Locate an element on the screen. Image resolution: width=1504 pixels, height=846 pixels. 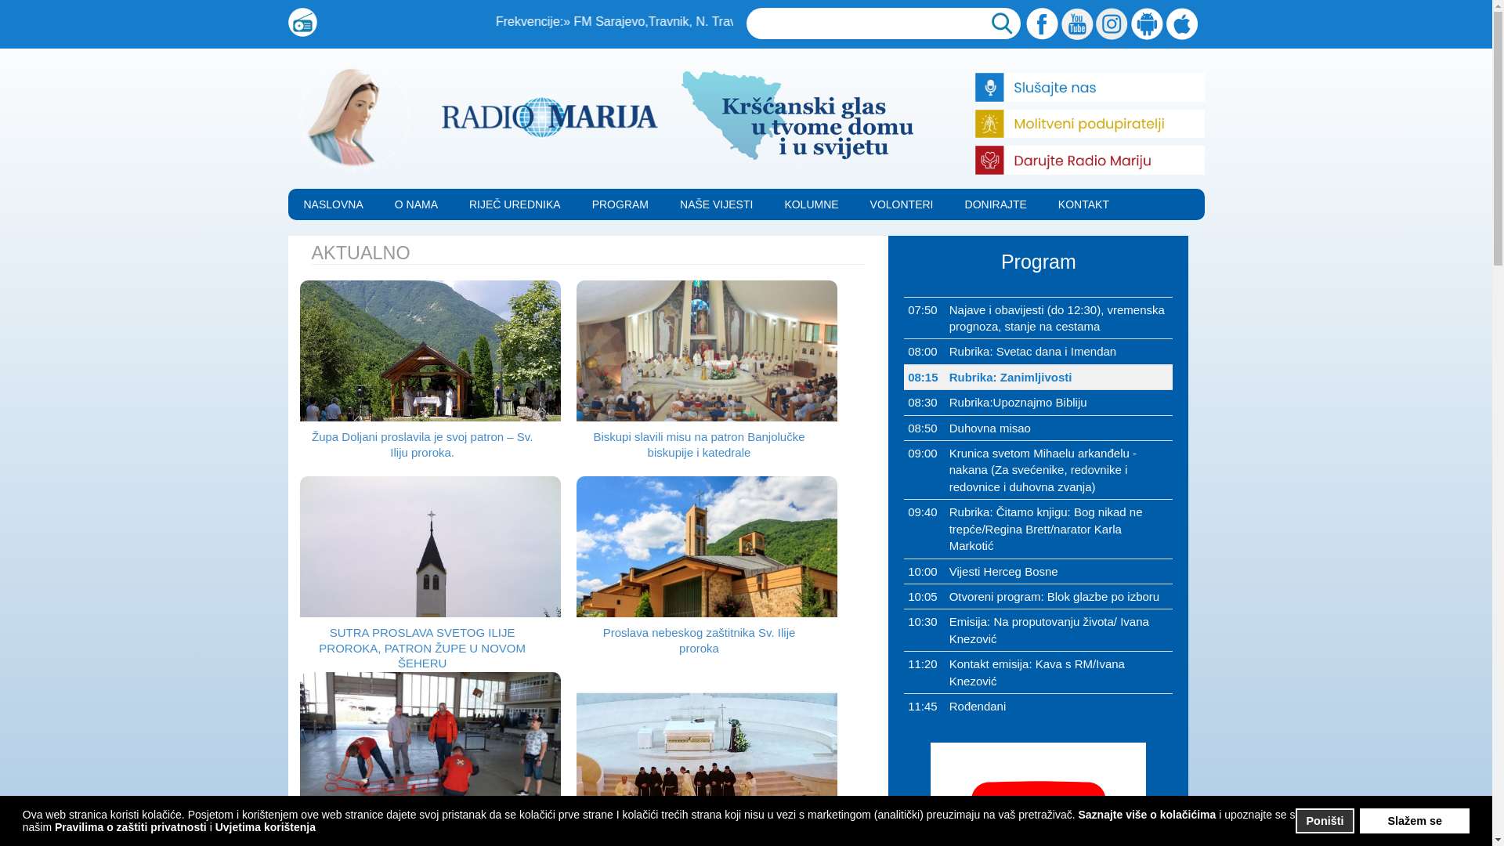
'KOLUMNE' is located at coordinates (811, 204).